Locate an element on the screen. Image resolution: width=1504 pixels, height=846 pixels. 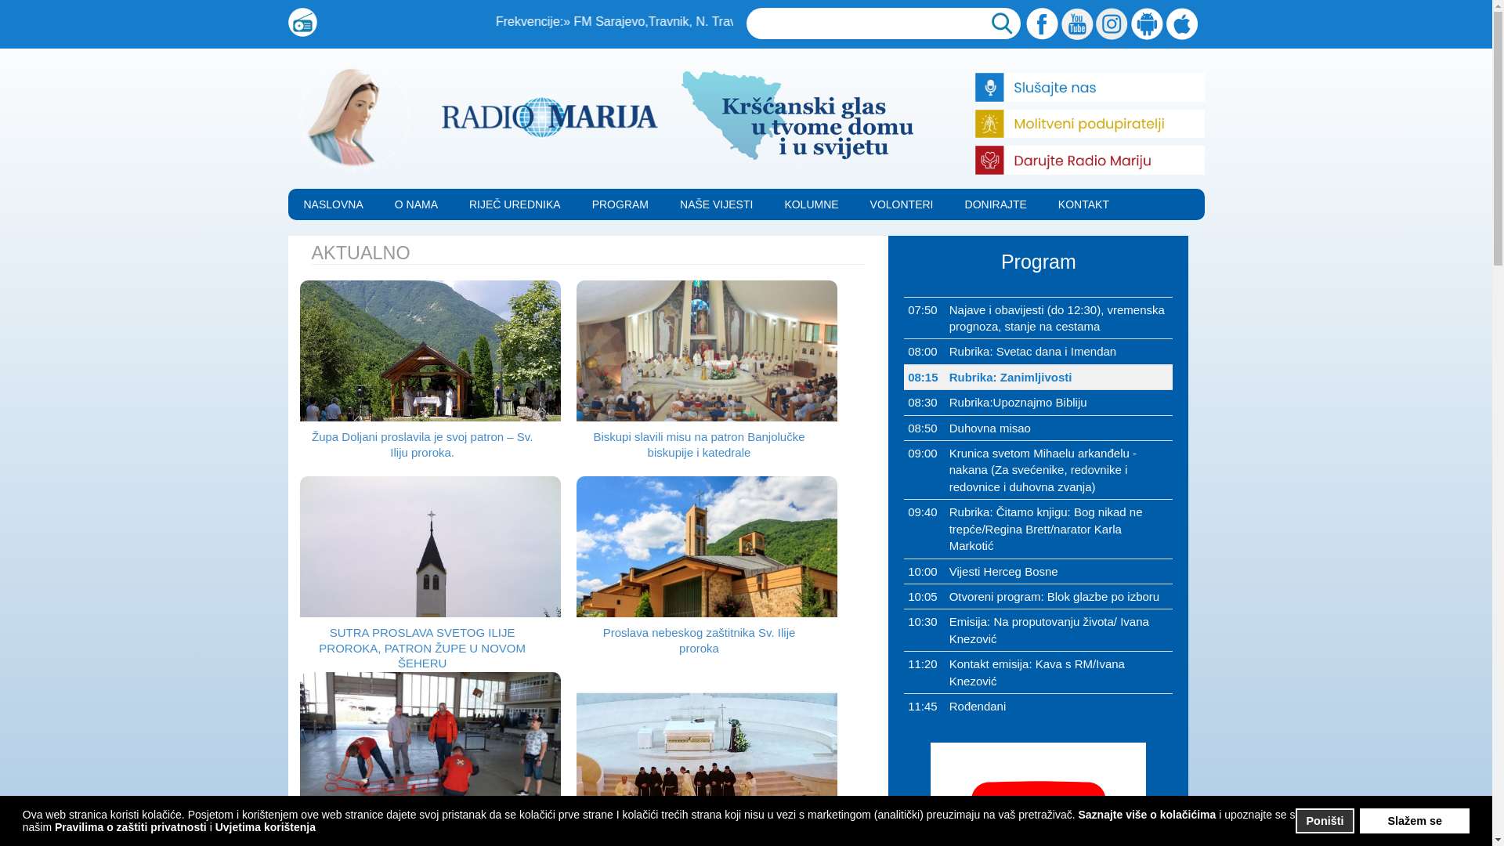
'KOLUMNE' is located at coordinates (811, 204).